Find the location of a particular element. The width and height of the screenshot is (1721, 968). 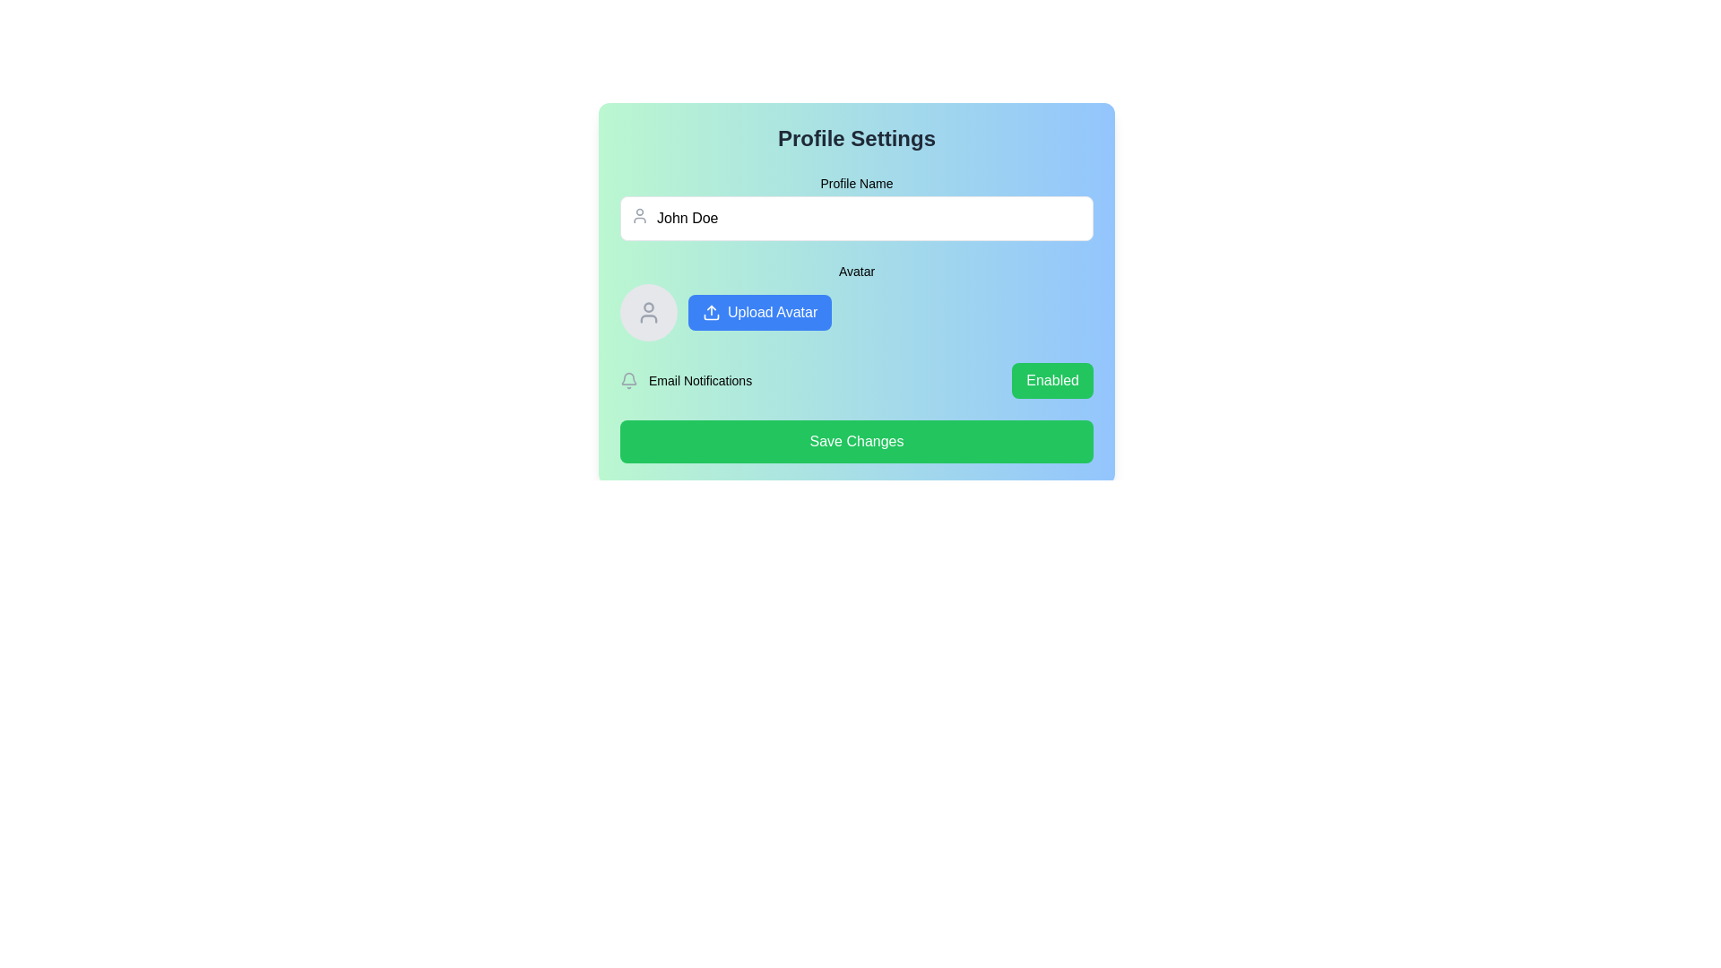

the upward arrow icon within the 'Upload Avatar' button, which has a blue outline and is positioned to the left of the button text is located at coordinates (710, 311).